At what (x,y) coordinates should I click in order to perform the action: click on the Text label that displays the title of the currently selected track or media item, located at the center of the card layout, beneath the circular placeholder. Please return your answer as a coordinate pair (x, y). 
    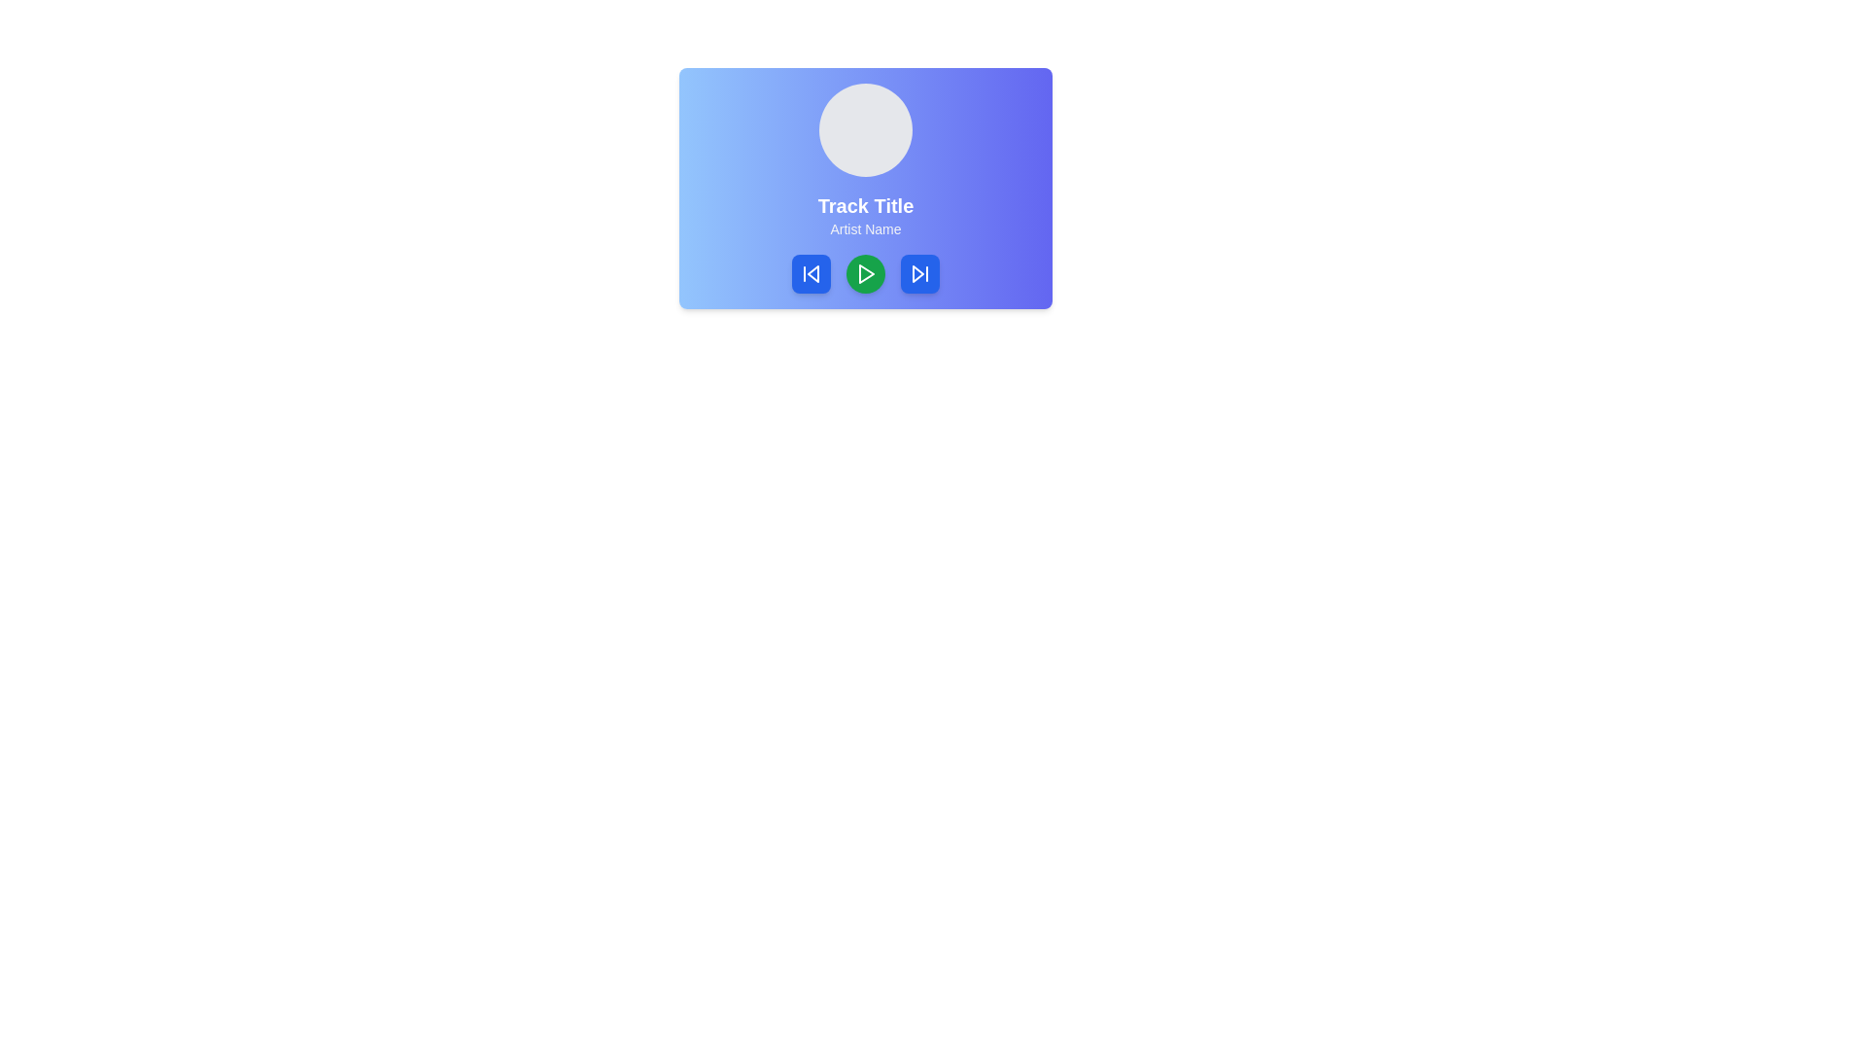
    Looking at the image, I should click on (865, 206).